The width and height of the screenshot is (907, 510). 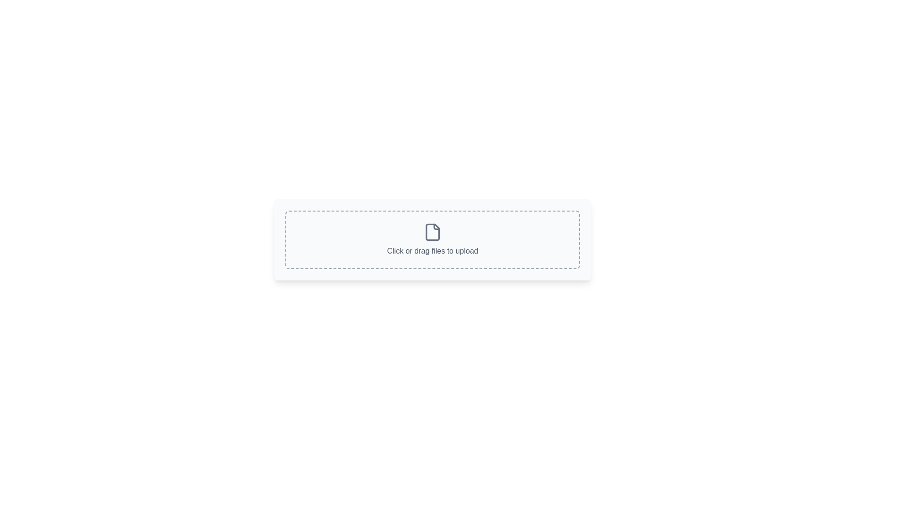 What do you see at coordinates (432, 251) in the screenshot?
I see `the Text Label that provides instructions for the user to click or drag and drop files into the designated region` at bounding box center [432, 251].